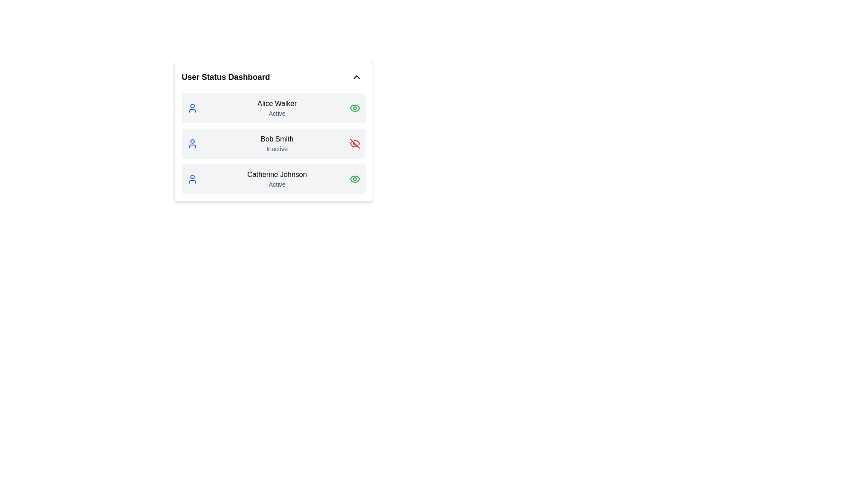 The width and height of the screenshot is (852, 479). Describe the element at coordinates (354, 143) in the screenshot. I see `the red eye-off icon located to the right of 'Bob Smith' in the 'Bob Smith Inactive' card` at that location.